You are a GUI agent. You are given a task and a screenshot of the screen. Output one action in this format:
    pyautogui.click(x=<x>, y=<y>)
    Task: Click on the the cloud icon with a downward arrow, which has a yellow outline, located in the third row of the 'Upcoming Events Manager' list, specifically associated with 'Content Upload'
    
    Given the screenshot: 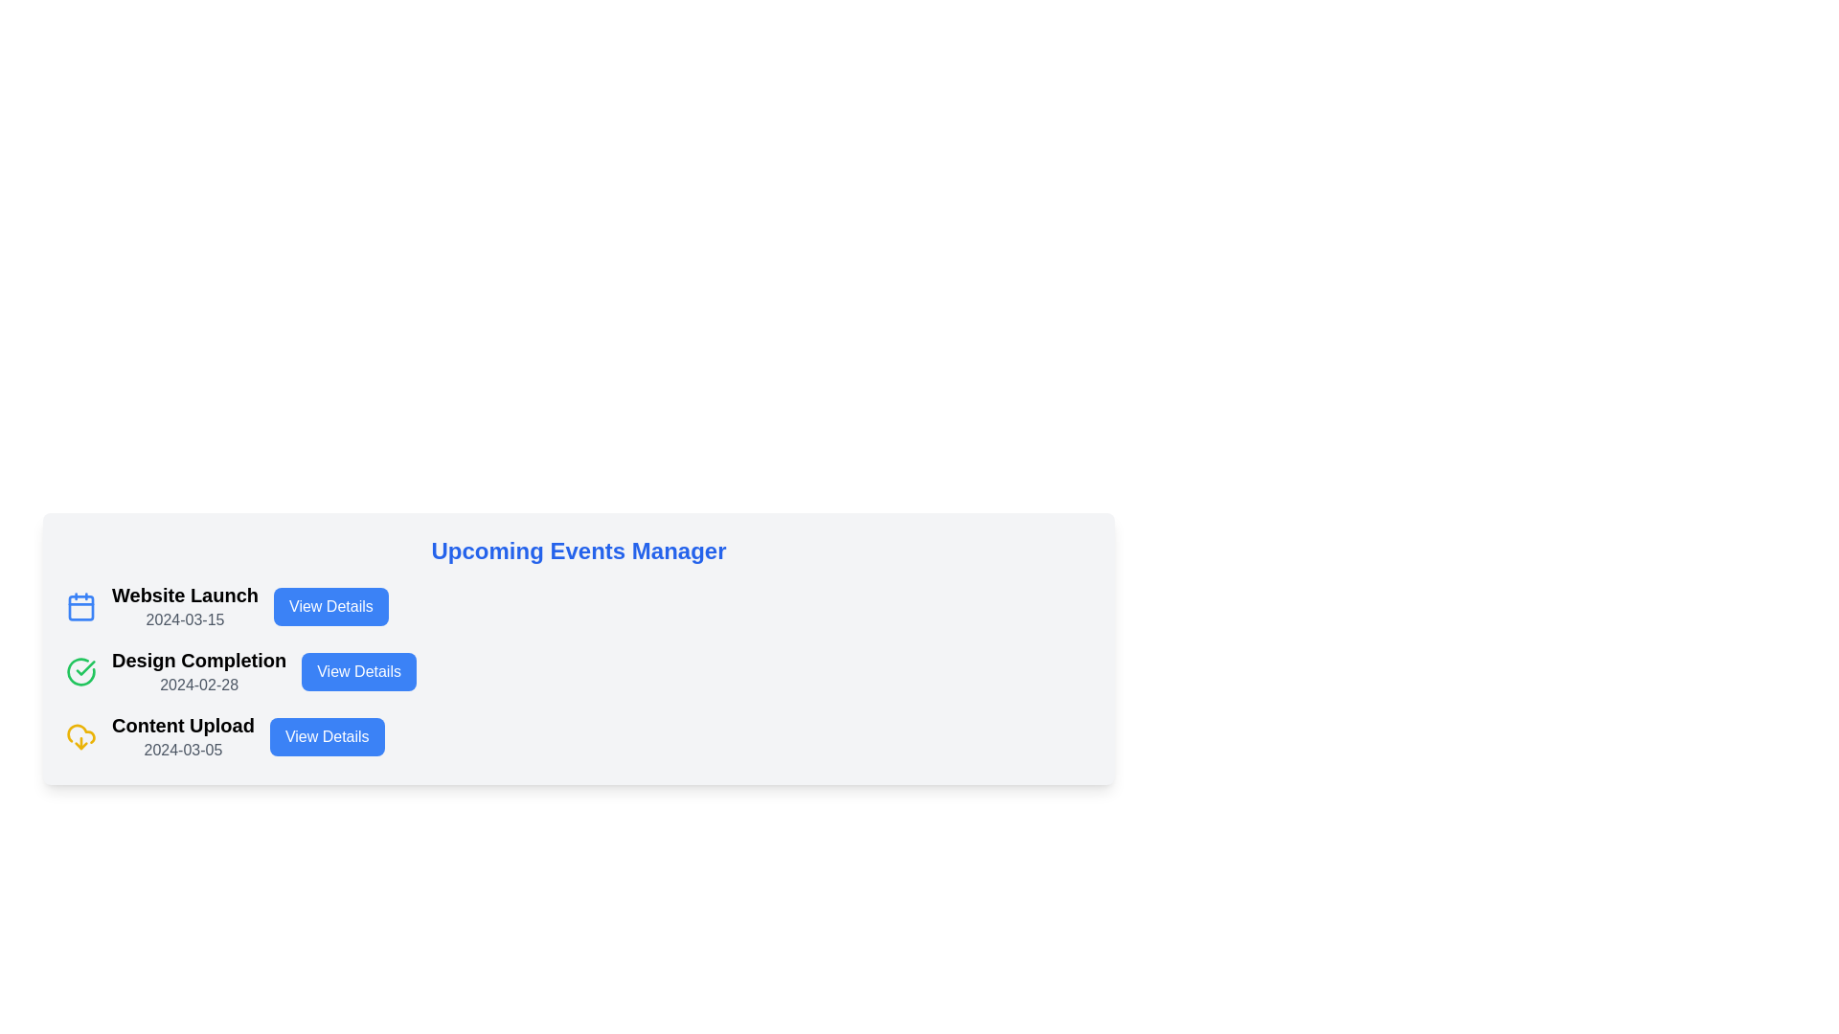 What is the action you would take?
    pyautogui.click(x=80, y=736)
    